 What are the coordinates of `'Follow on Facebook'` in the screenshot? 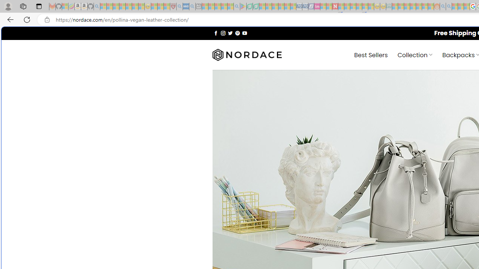 It's located at (216, 33).